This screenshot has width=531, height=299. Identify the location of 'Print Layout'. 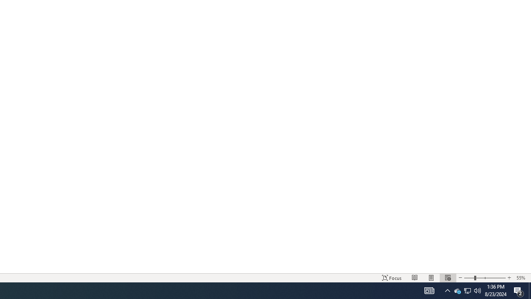
(431, 278).